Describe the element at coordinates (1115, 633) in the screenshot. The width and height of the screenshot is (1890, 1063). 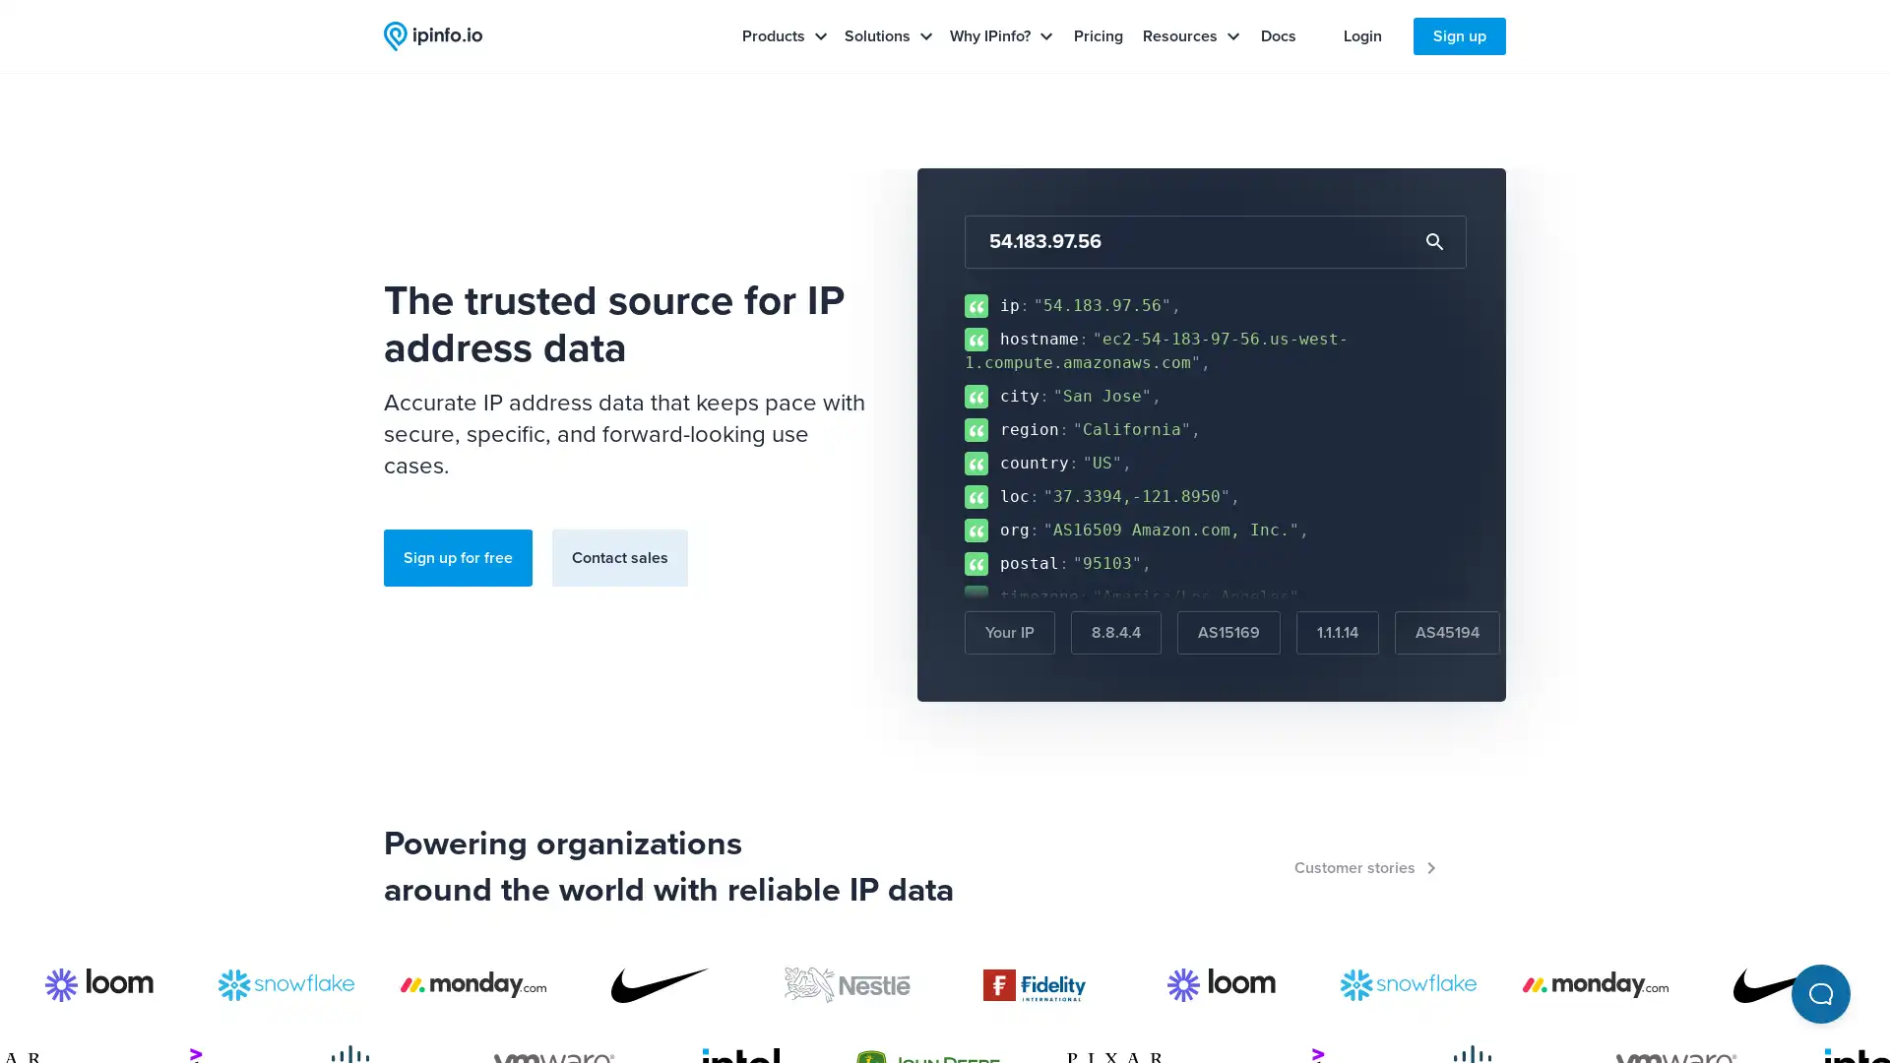
I see `8.8.4.4` at that location.